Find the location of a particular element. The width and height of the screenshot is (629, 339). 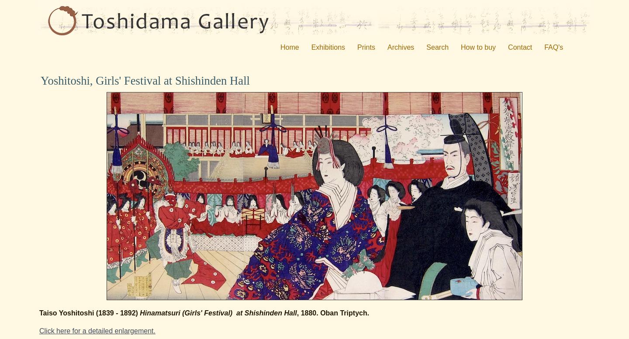

'Home' is located at coordinates (289, 47).